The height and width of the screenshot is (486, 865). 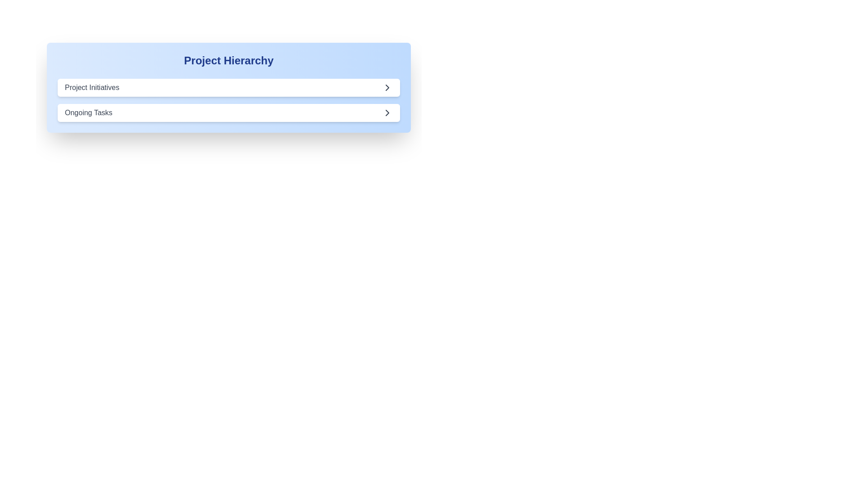 What do you see at coordinates (92, 88) in the screenshot?
I see `the 'Project Initiatives' text label located in the first row of the 'Project Hierarchy' list` at bounding box center [92, 88].